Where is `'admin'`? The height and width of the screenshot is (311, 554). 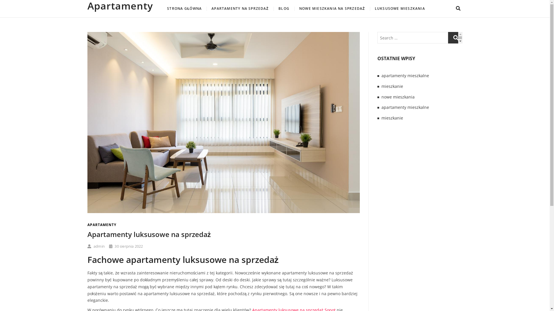 'admin' is located at coordinates (96, 246).